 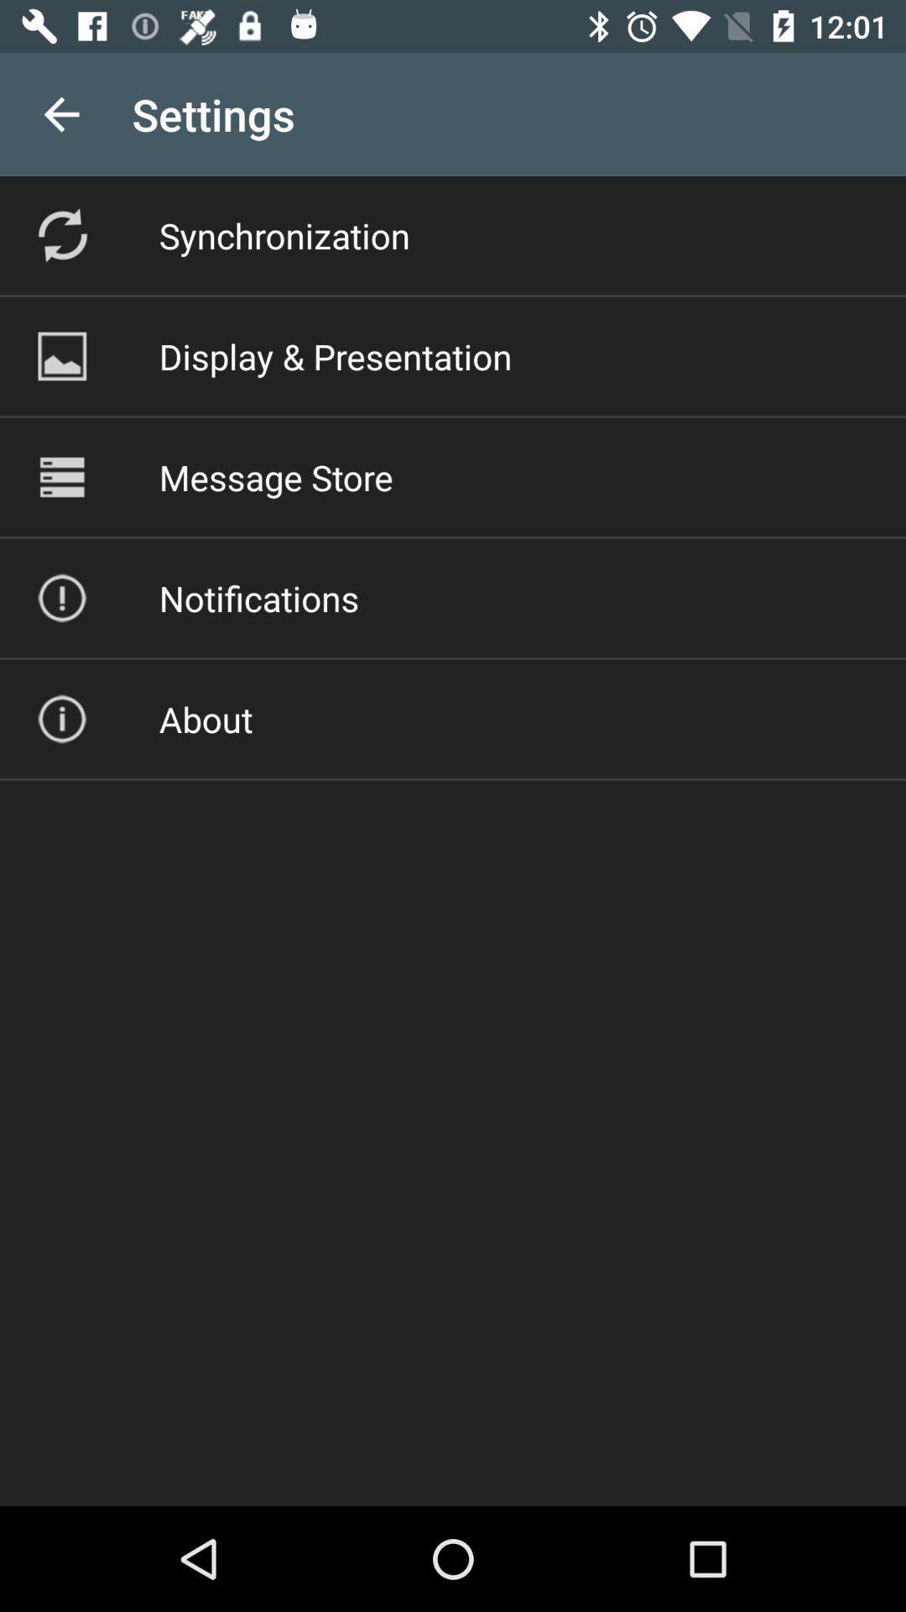 I want to click on the item below the notifications icon, so click(x=205, y=719).